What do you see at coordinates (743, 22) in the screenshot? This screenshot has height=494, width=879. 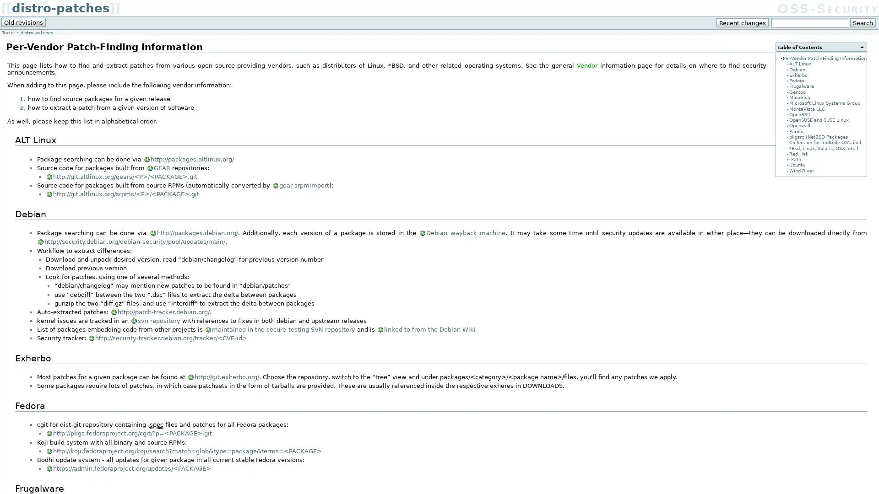 I see `Recent changes` at bounding box center [743, 22].